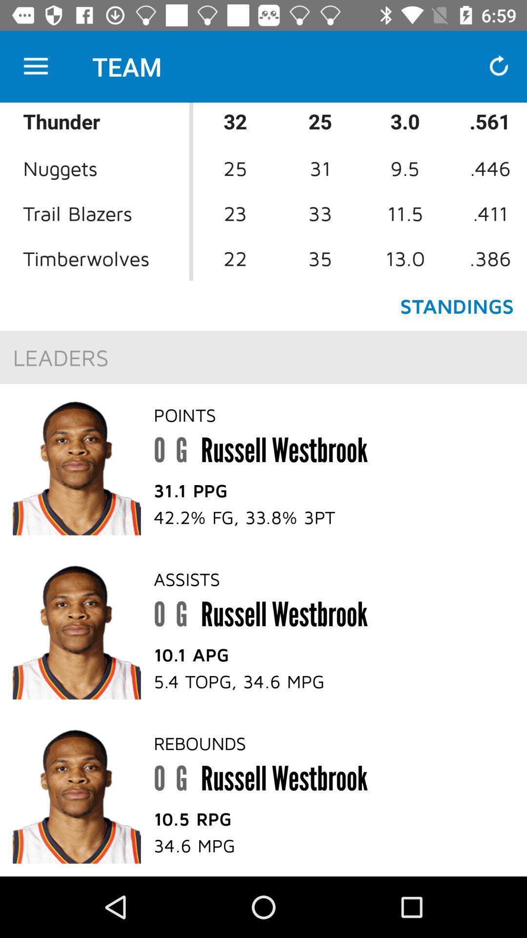 This screenshot has width=527, height=938. Describe the element at coordinates (35, 66) in the screenshot. I see `the icon to the left of the team item` at that location.